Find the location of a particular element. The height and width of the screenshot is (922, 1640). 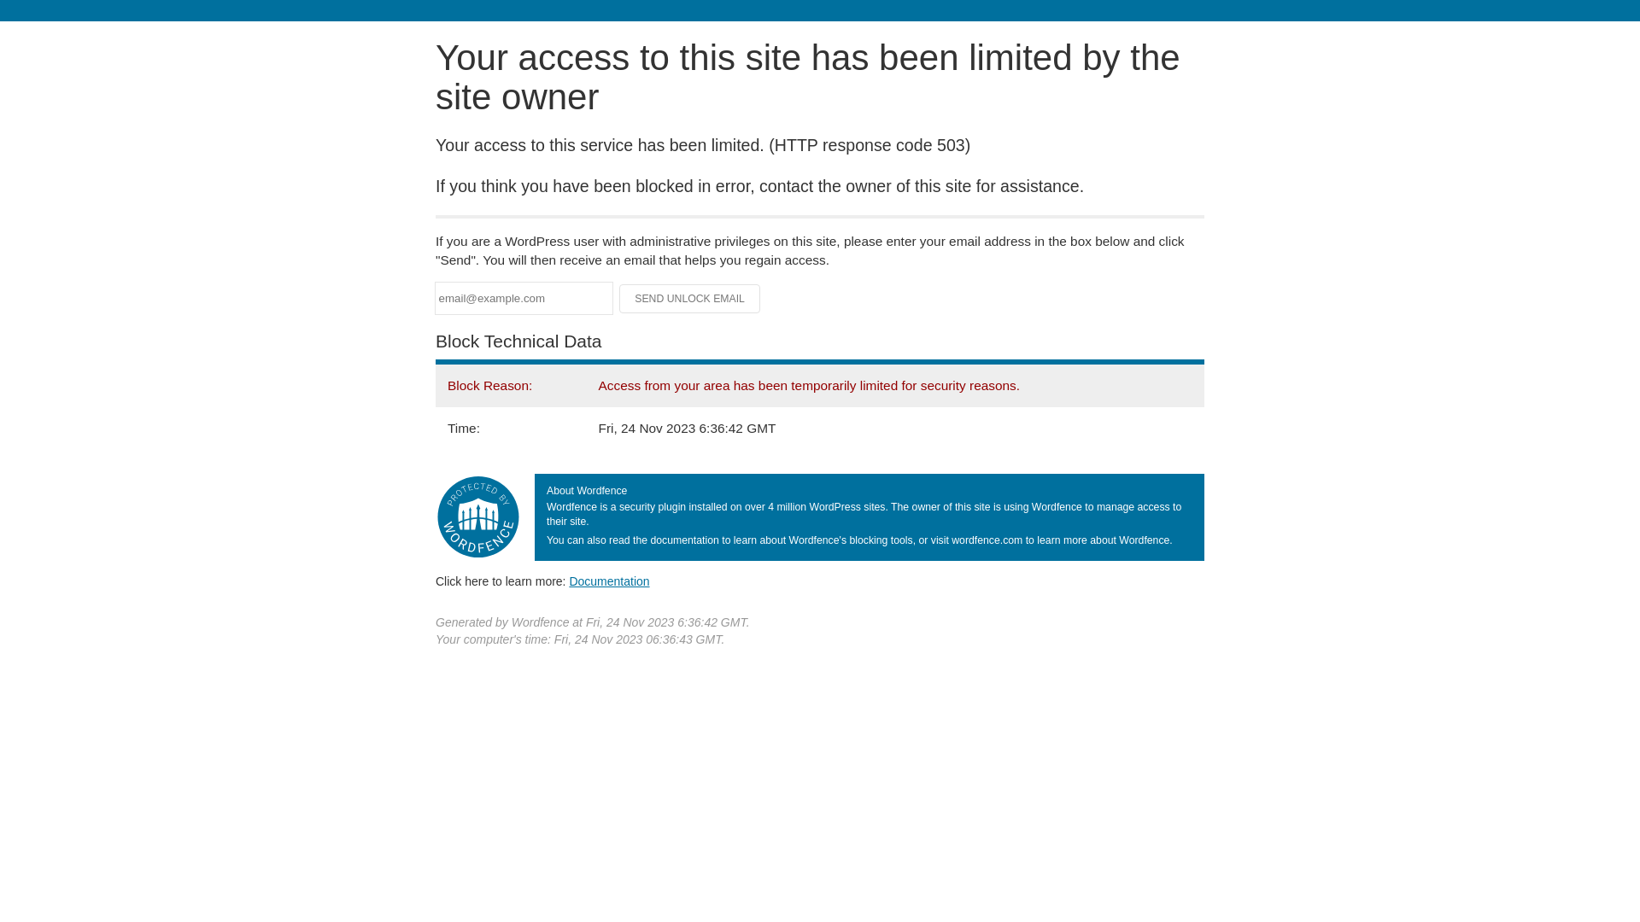

'Send Unlock Email' is located at coordinates (689, 298).